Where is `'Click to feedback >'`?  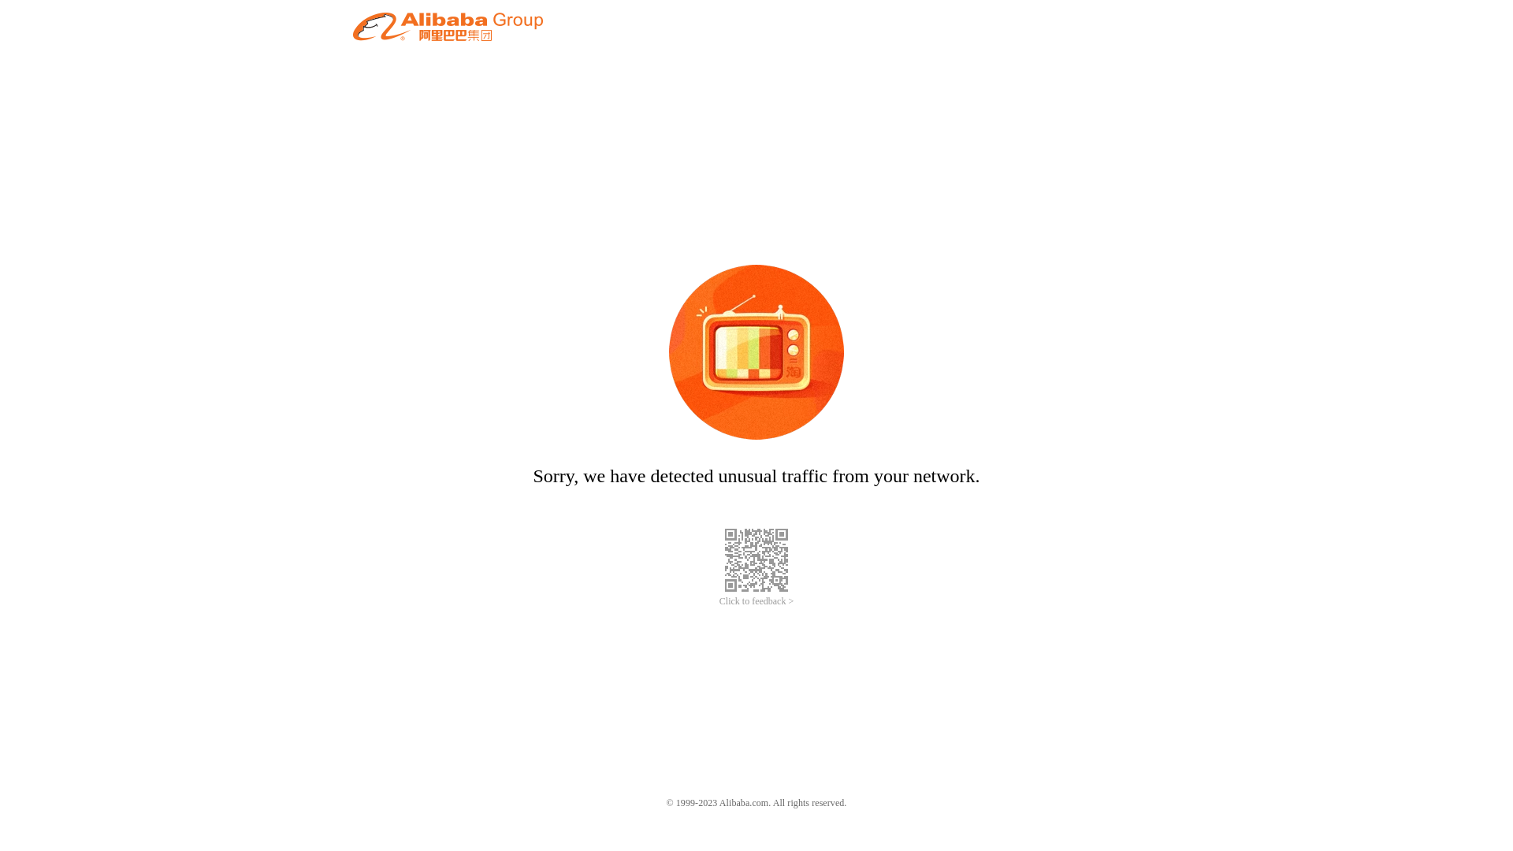
'Click to feedback >' is located at coordinates (756, 601).